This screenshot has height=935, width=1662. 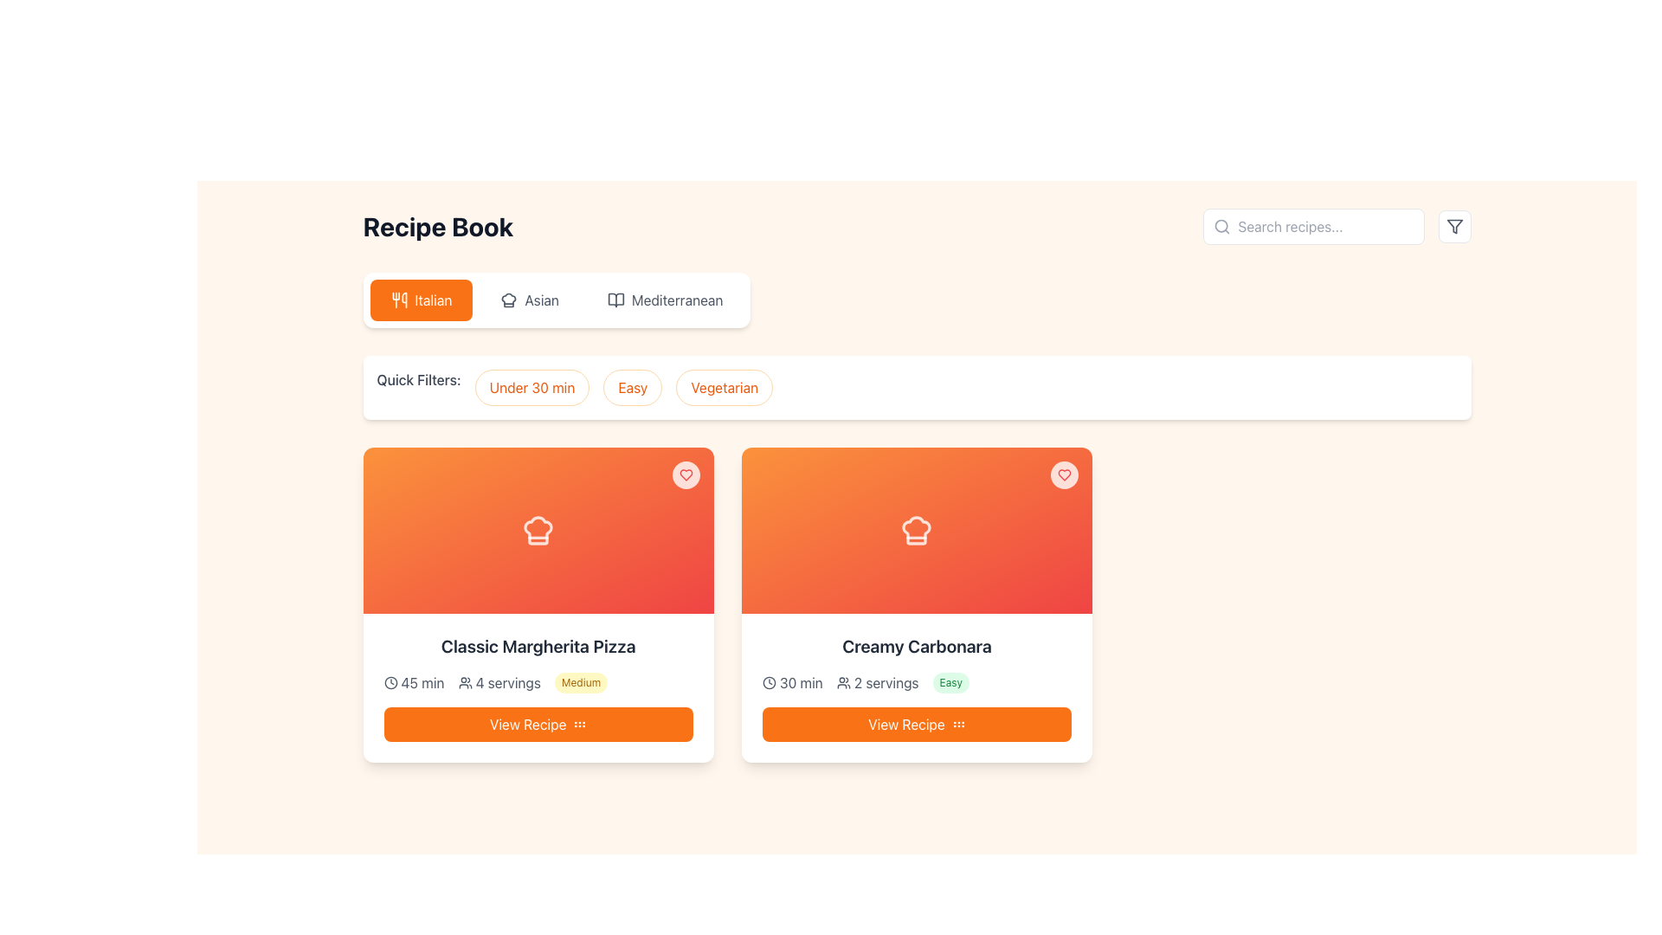 I want to click on the servings quantity icon for 'Creamy Carbonara', which is visually represented next to the text '2 servings' and is the first element in a horizontal group within the card, so click(x=843, y=682).